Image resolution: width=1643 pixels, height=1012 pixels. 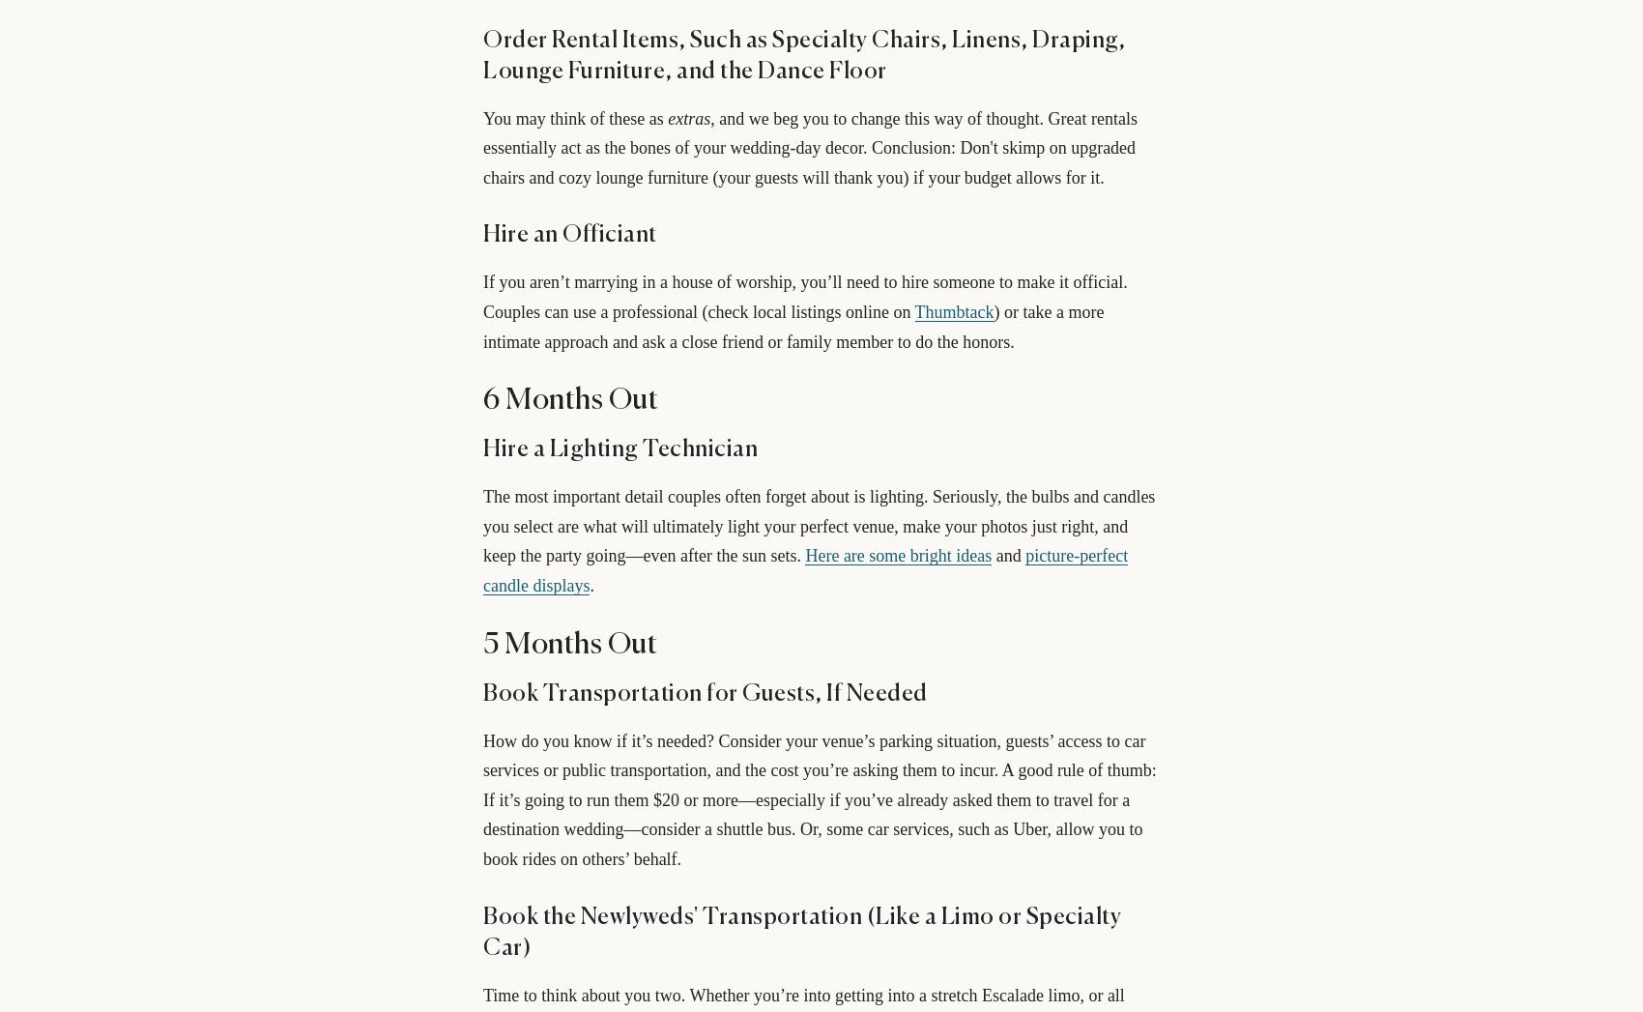 What do you see at coordinates (818, 526) in the screenshot?
I see `'The most important detail couples often forget about is lighting. Seriously, the bulbs and candles you select are what will ultimately light your perfect venue, make your photos just right, and keep the party going—even after the sun sets.'` at bounding box center [818, 526].